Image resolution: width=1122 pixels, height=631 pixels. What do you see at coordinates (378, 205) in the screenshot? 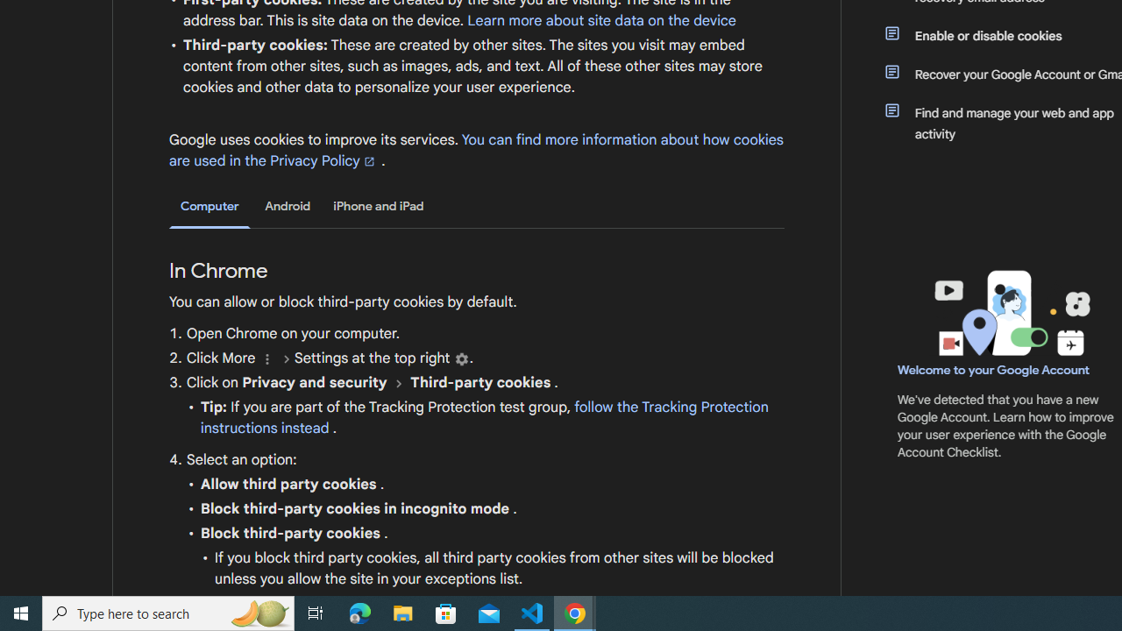
I see `'iPhone and iPad'` at bounding box center [378, 205].